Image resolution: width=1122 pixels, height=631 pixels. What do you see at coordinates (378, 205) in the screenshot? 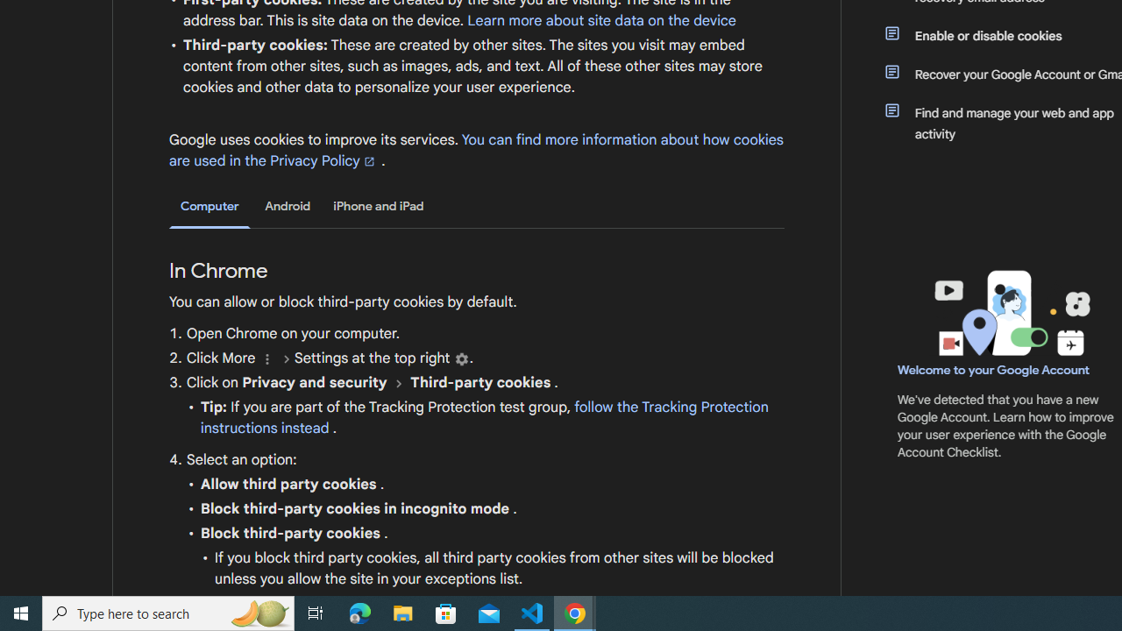
I see `'iPhone and iPad'` at bounding box center [378, 205].